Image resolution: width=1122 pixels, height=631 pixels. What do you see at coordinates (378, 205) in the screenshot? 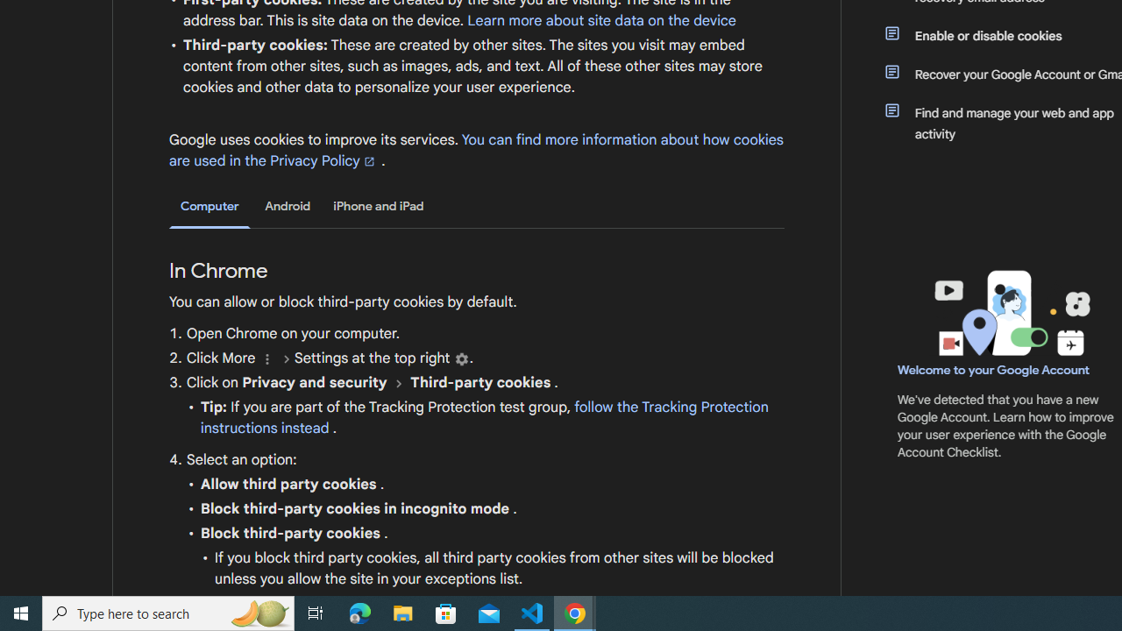
I see `'iPhone and iPad'` at bounding box center [378, 205].